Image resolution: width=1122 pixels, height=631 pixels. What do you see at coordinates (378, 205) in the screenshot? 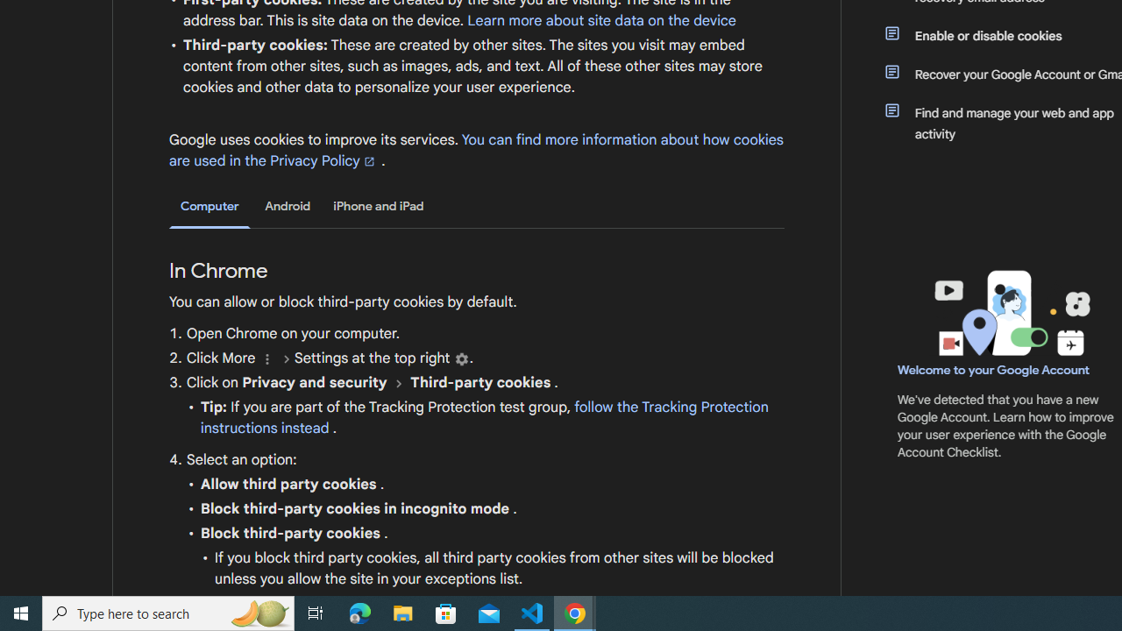
I see `'iPhone and iPad'` at bounding box center [378, 205].